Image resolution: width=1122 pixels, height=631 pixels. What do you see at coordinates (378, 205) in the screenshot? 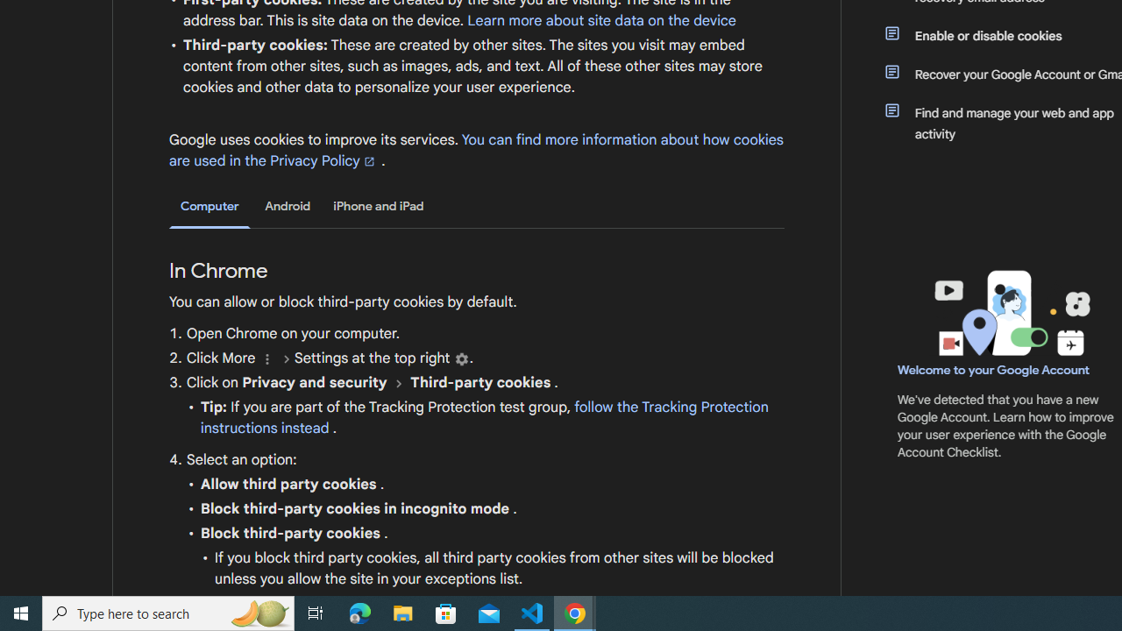
I see `'iPhone and iPad'` at bounding box center [378, 205].